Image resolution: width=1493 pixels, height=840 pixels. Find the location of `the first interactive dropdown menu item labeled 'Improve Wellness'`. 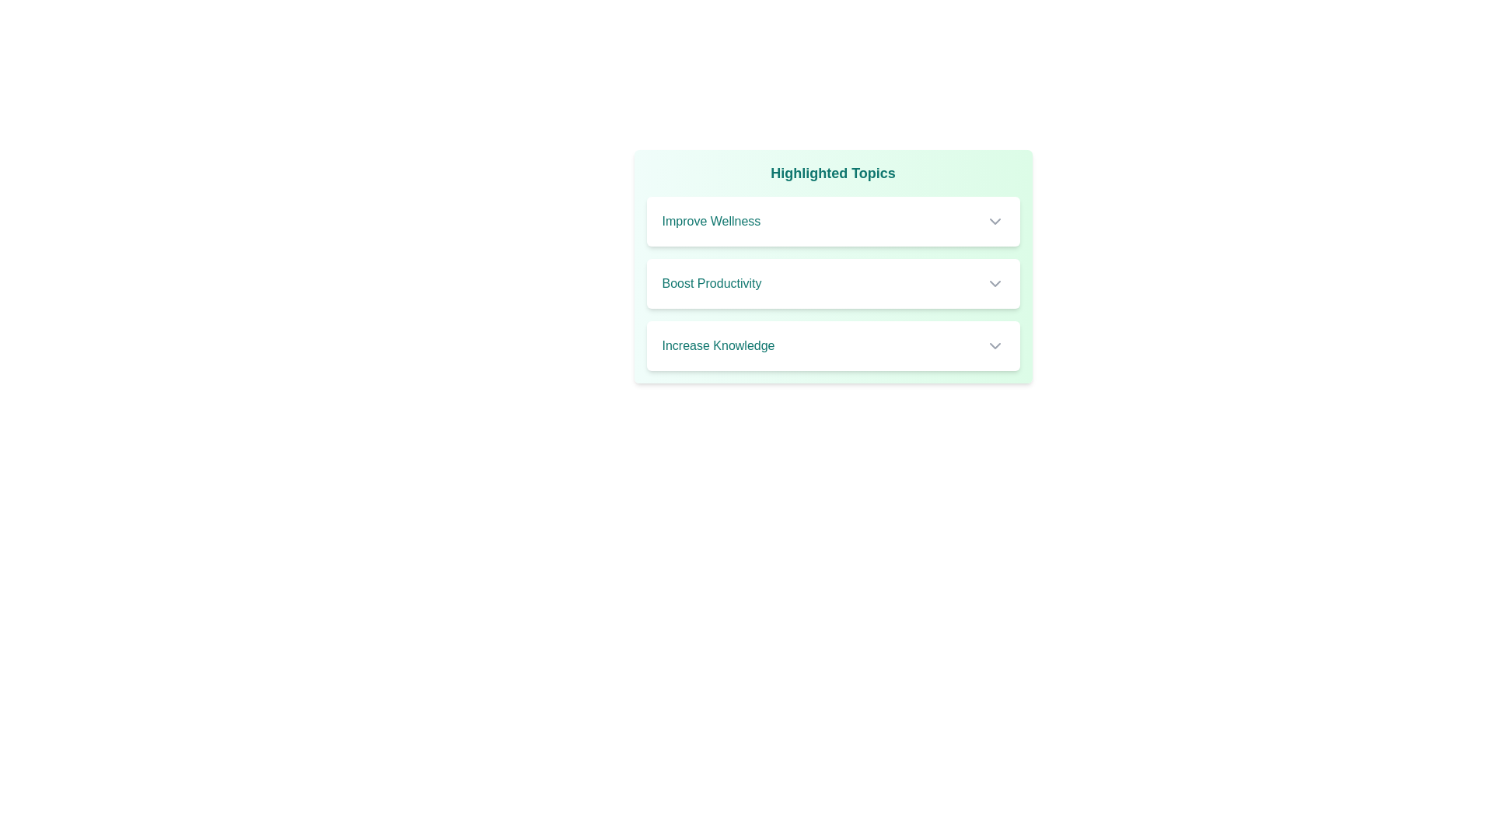

the first interactive dropdown menu item labeled 'Improve Wellness' is located at coordinates (832, 222).